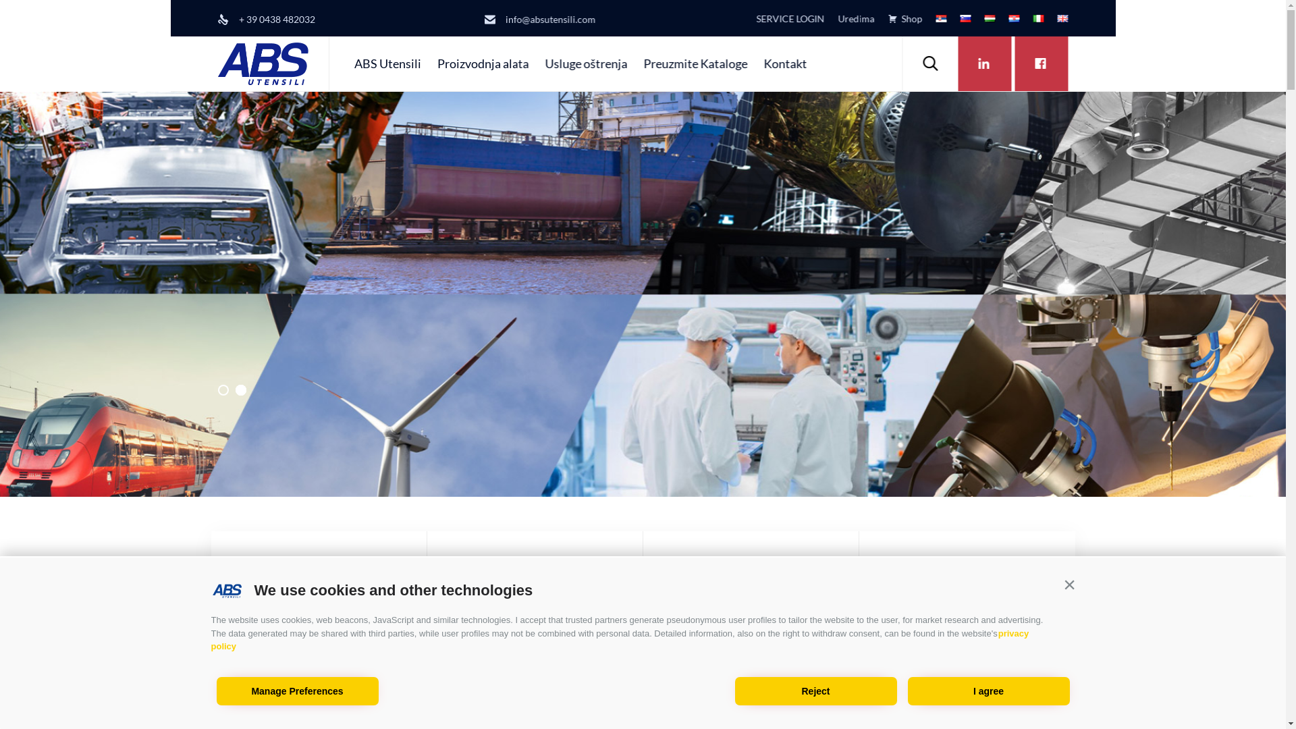 This screenshot has width=1296, height=729. Describe the element at coordinates (695, 63) in the screenshot. I see `'Preuzmite Kataloge'` at that location.